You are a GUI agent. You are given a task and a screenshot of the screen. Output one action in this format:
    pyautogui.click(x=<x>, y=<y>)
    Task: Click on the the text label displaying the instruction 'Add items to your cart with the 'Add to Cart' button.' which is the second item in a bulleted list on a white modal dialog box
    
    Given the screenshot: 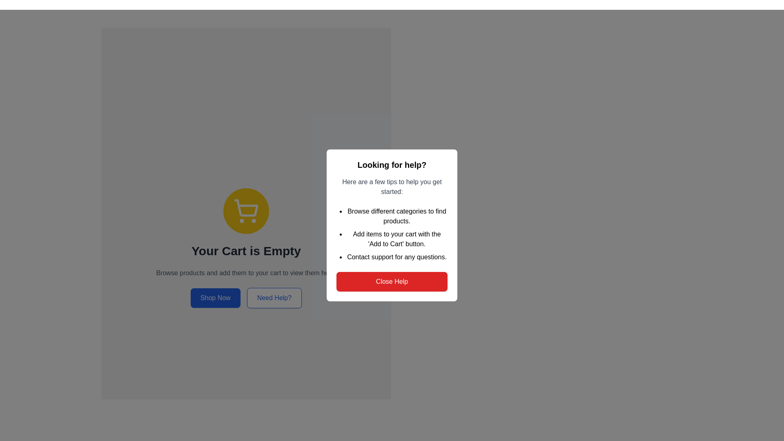 What is the action you would take?
    pyautogui.click(x=396, y=239)
    